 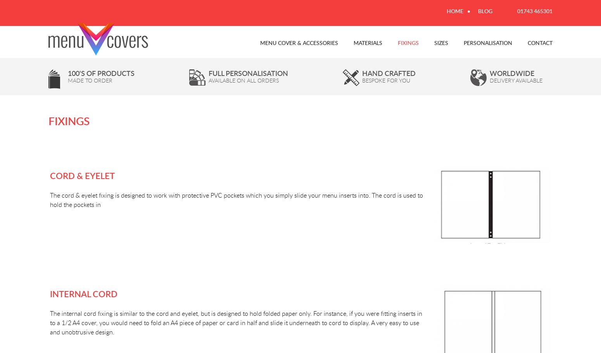 What do you see at coordinates (236, 322) in the screenshot?
I see `'The internal cord fixing is similar to the cord and eyelet, but is designed to hold folded paper only. For instance, if you were fitting inserts in to a 1/2 A4 cover, you would need to fold an A4 piece of paper or card in half and slide it underneath to cord to display. A very easy to use and unobtrusive design.'` at bounding box center [236, 322].